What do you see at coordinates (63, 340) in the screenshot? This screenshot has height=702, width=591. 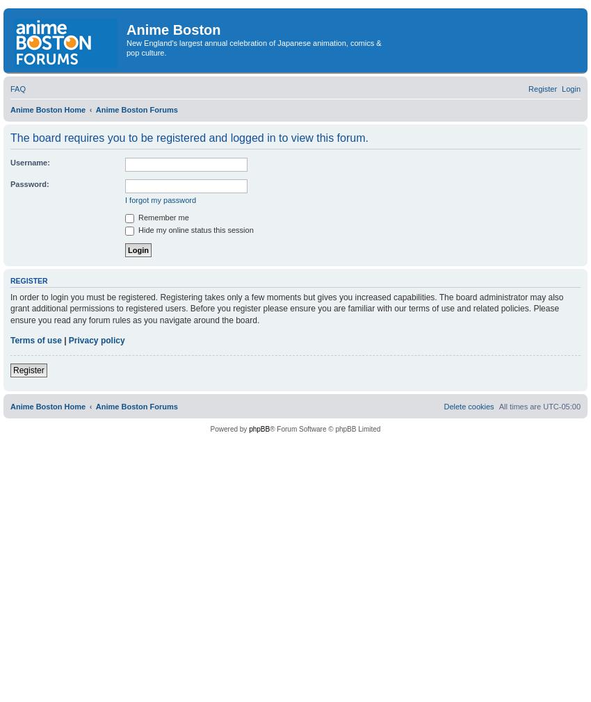 I see `'|'` at bounding box center [63, 340].